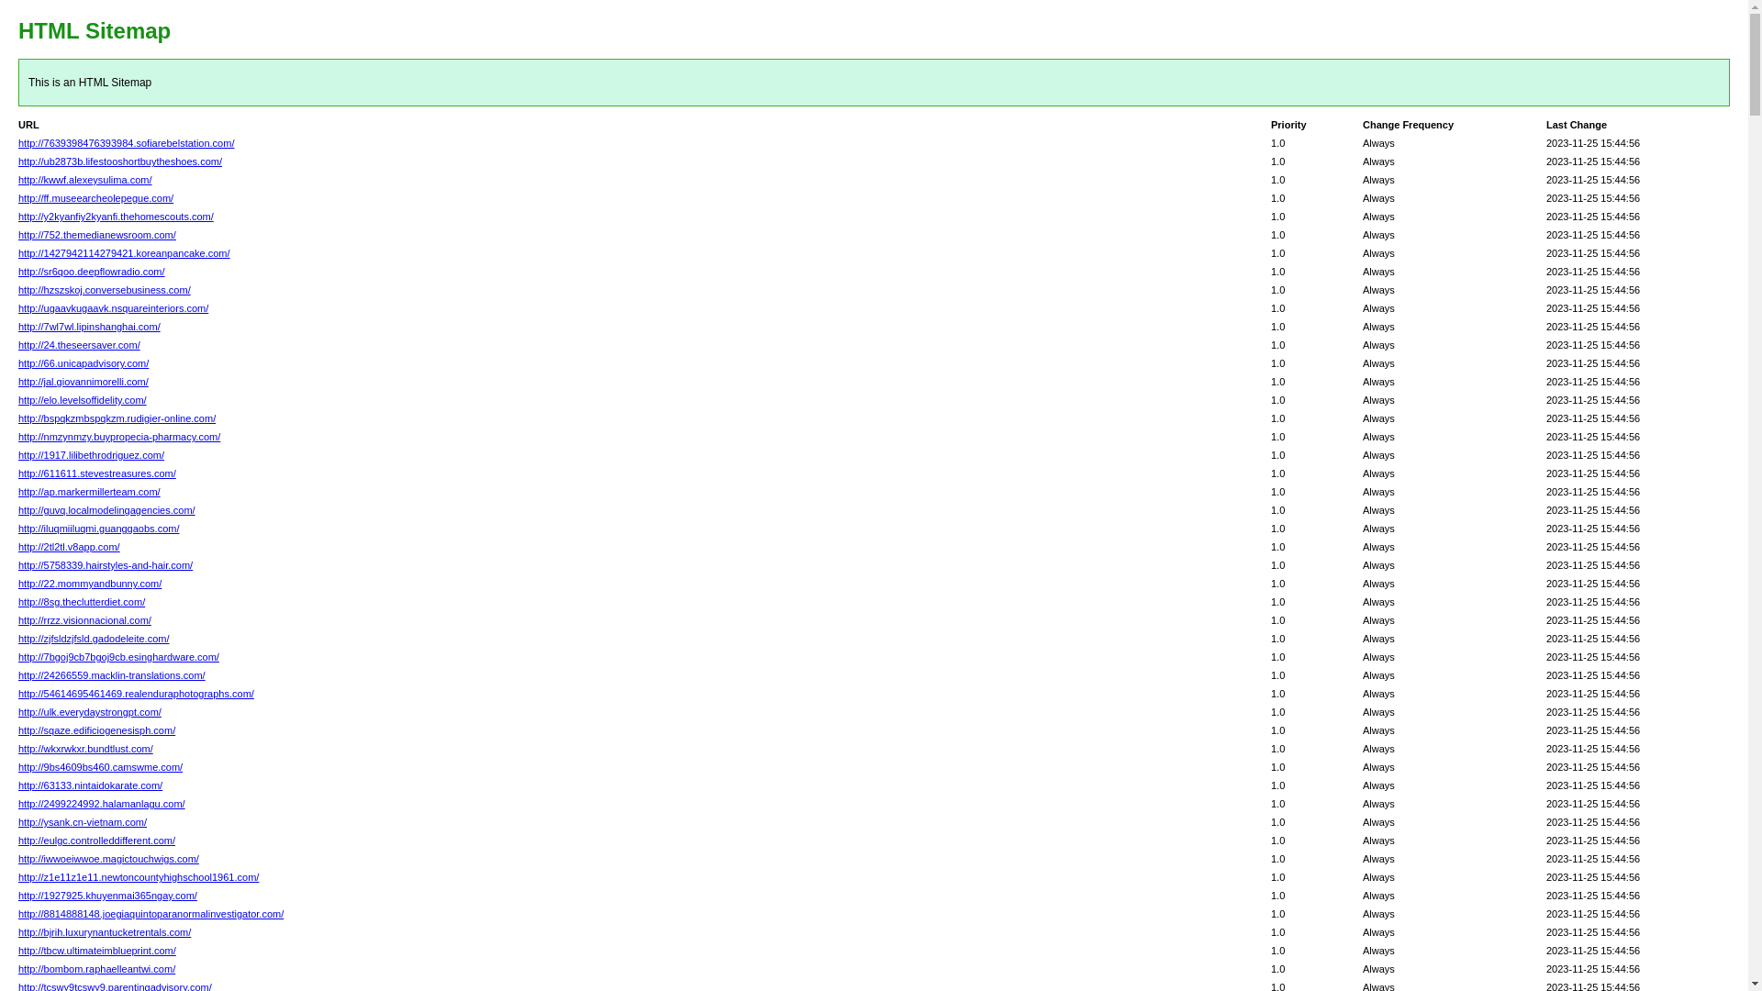  I want to click on 'http://jal.giovannimorelli.com/', so click(83, 381).